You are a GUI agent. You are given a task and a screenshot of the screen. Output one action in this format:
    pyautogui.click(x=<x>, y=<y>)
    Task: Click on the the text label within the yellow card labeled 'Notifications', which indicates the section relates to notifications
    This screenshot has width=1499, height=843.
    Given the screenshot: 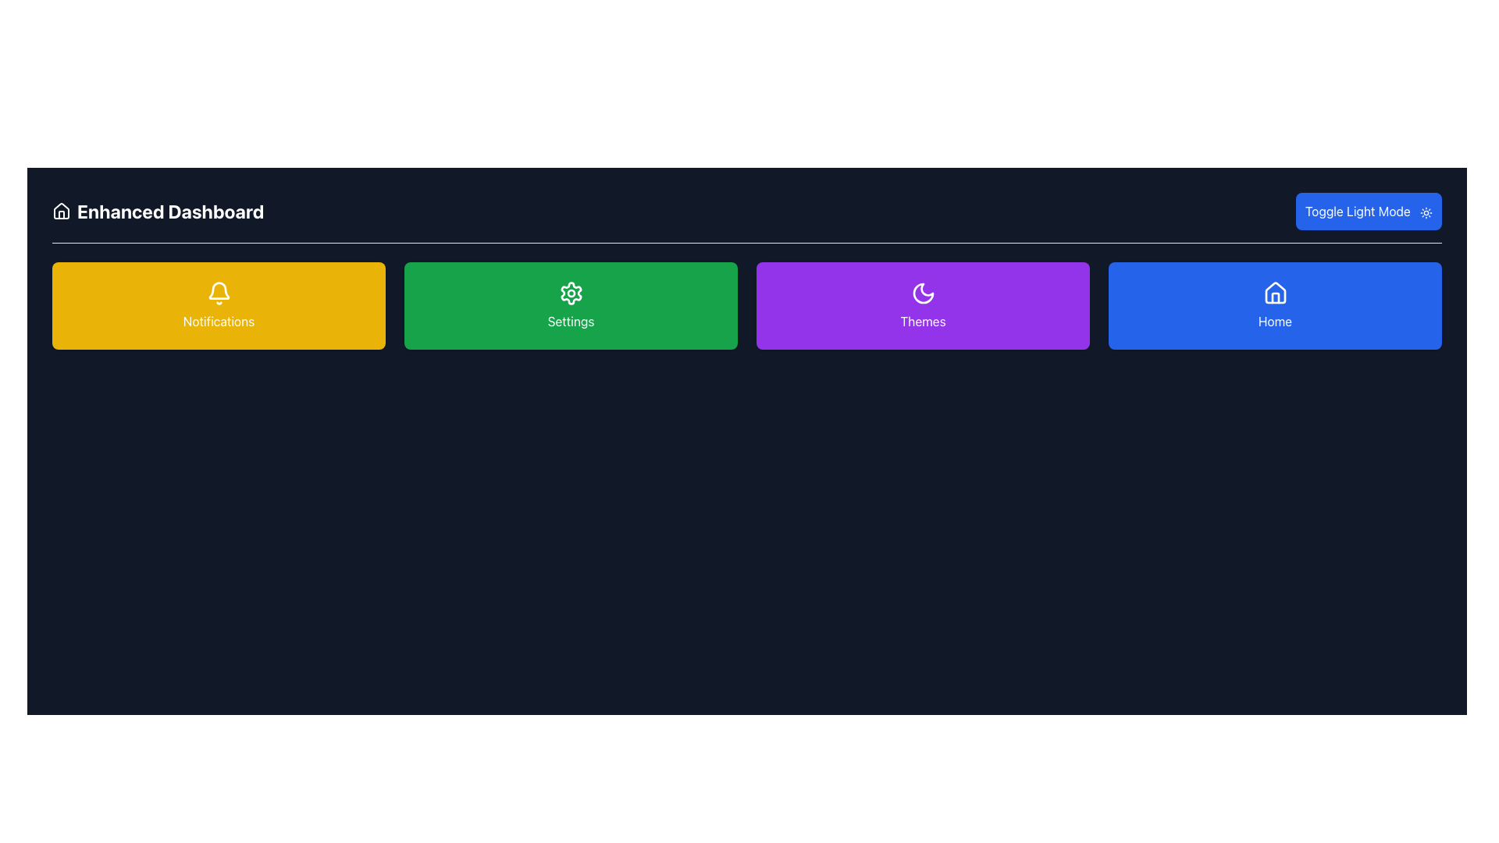 What is the action you would take?
    pyautogui.click(x=218, y=321)
    